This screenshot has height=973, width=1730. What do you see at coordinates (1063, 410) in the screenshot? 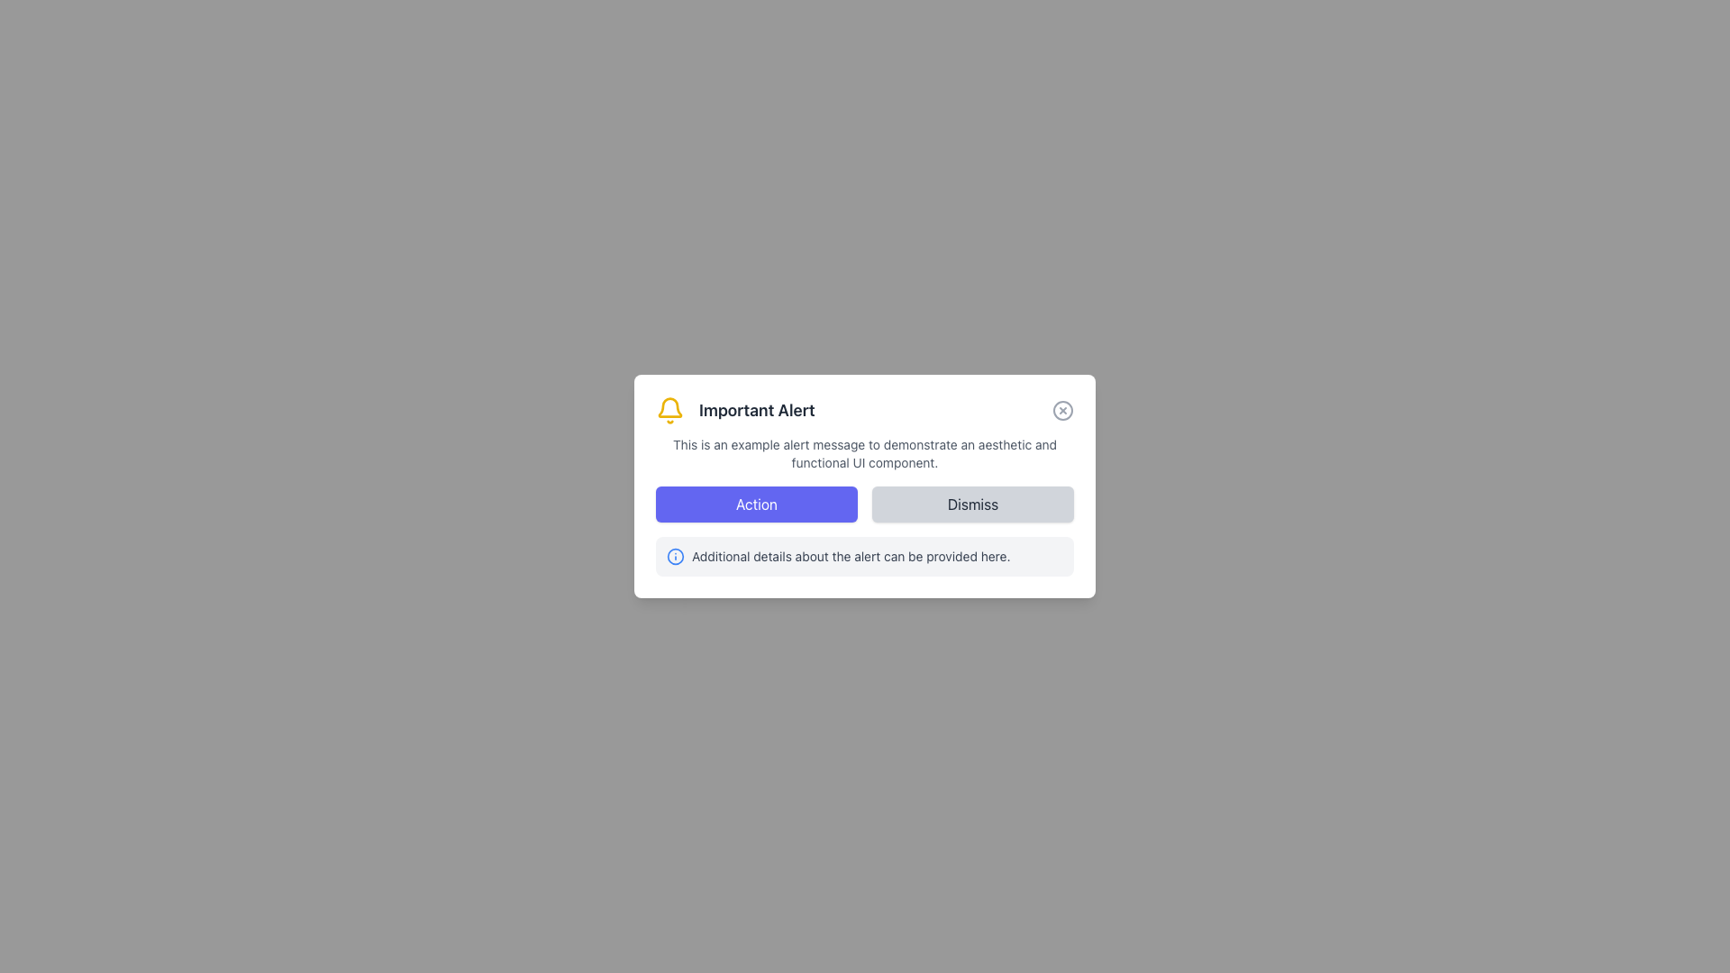
I see `the circular component of the dismiss button within the 'circle-x' icon located in the top-right corner of the alert modal` at bounding box center [1063, 410].